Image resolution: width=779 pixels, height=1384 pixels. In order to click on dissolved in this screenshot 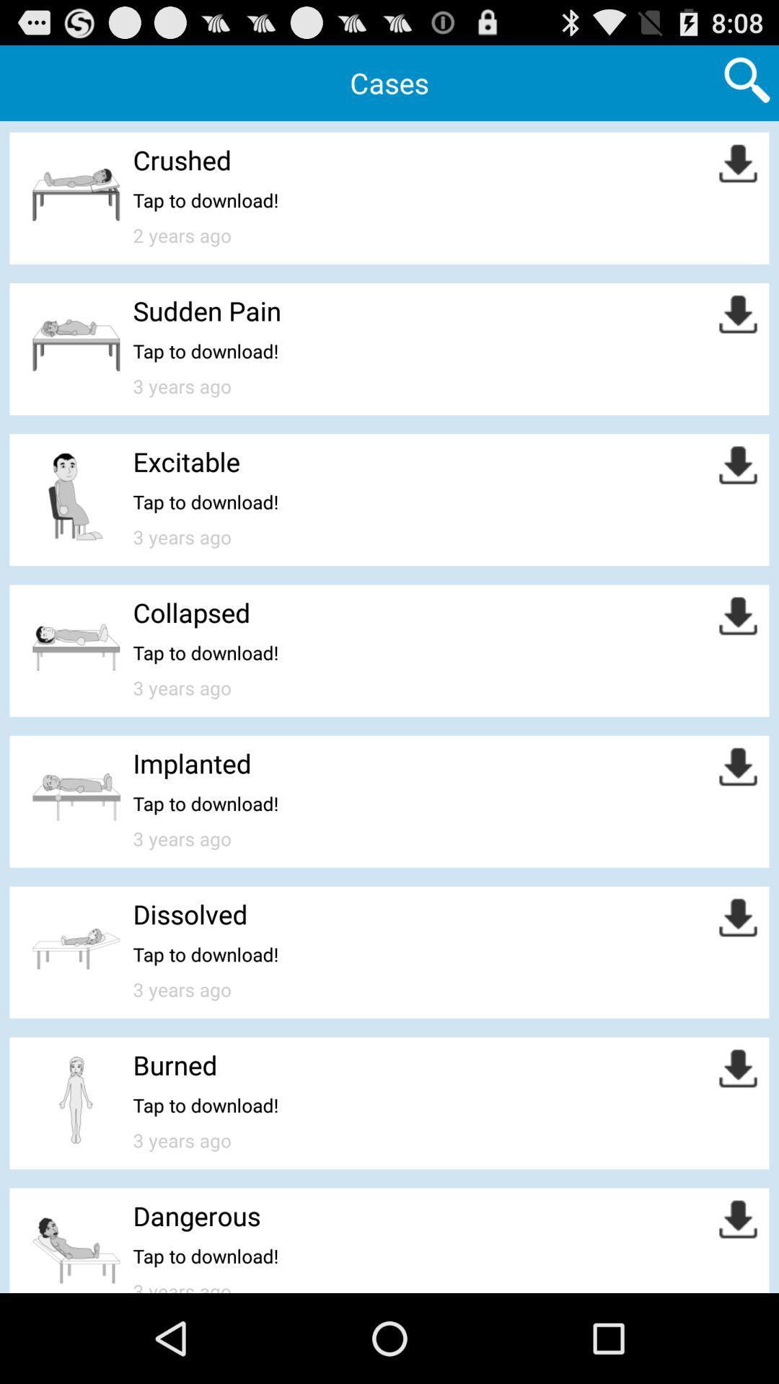, I will do `click(189, 913)`.